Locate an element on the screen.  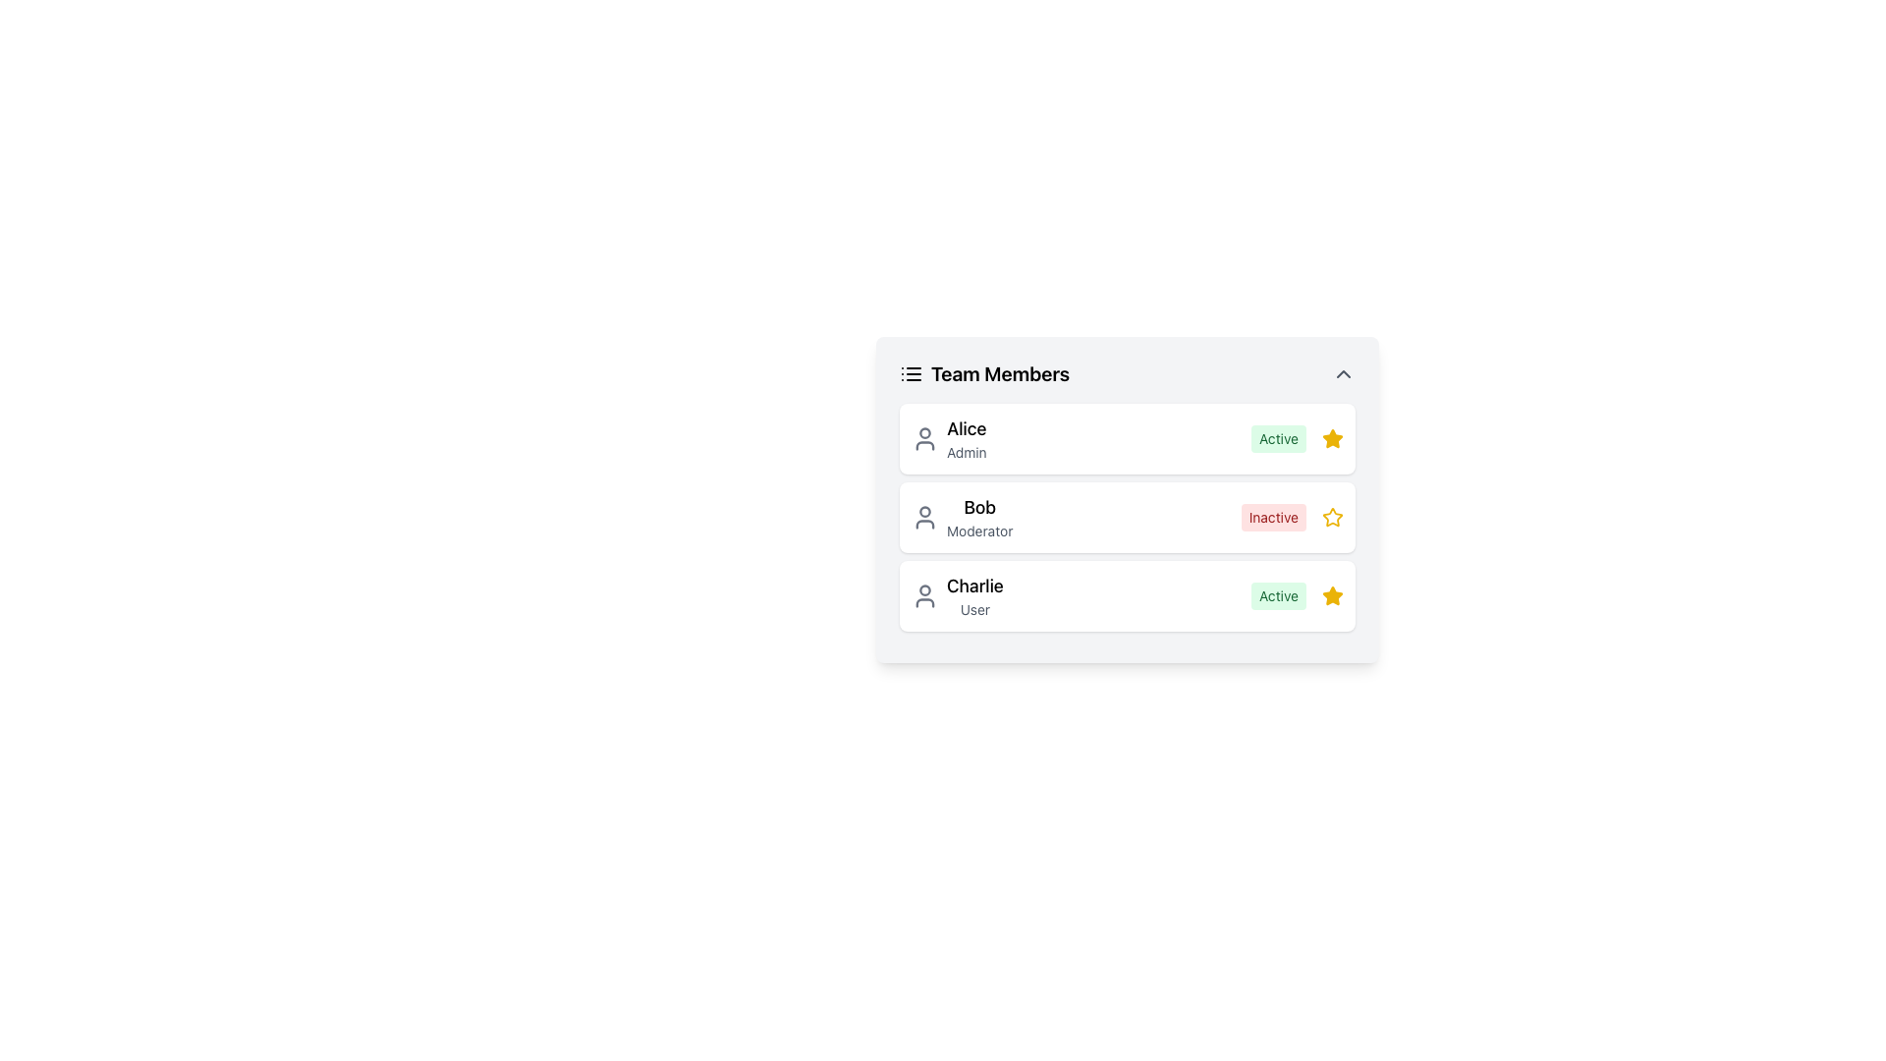
the SVG graphic icon representing the user 'Charlie' in the third entry of the 'Team Members' list for identification purposes is located at coordinates (923, 594).